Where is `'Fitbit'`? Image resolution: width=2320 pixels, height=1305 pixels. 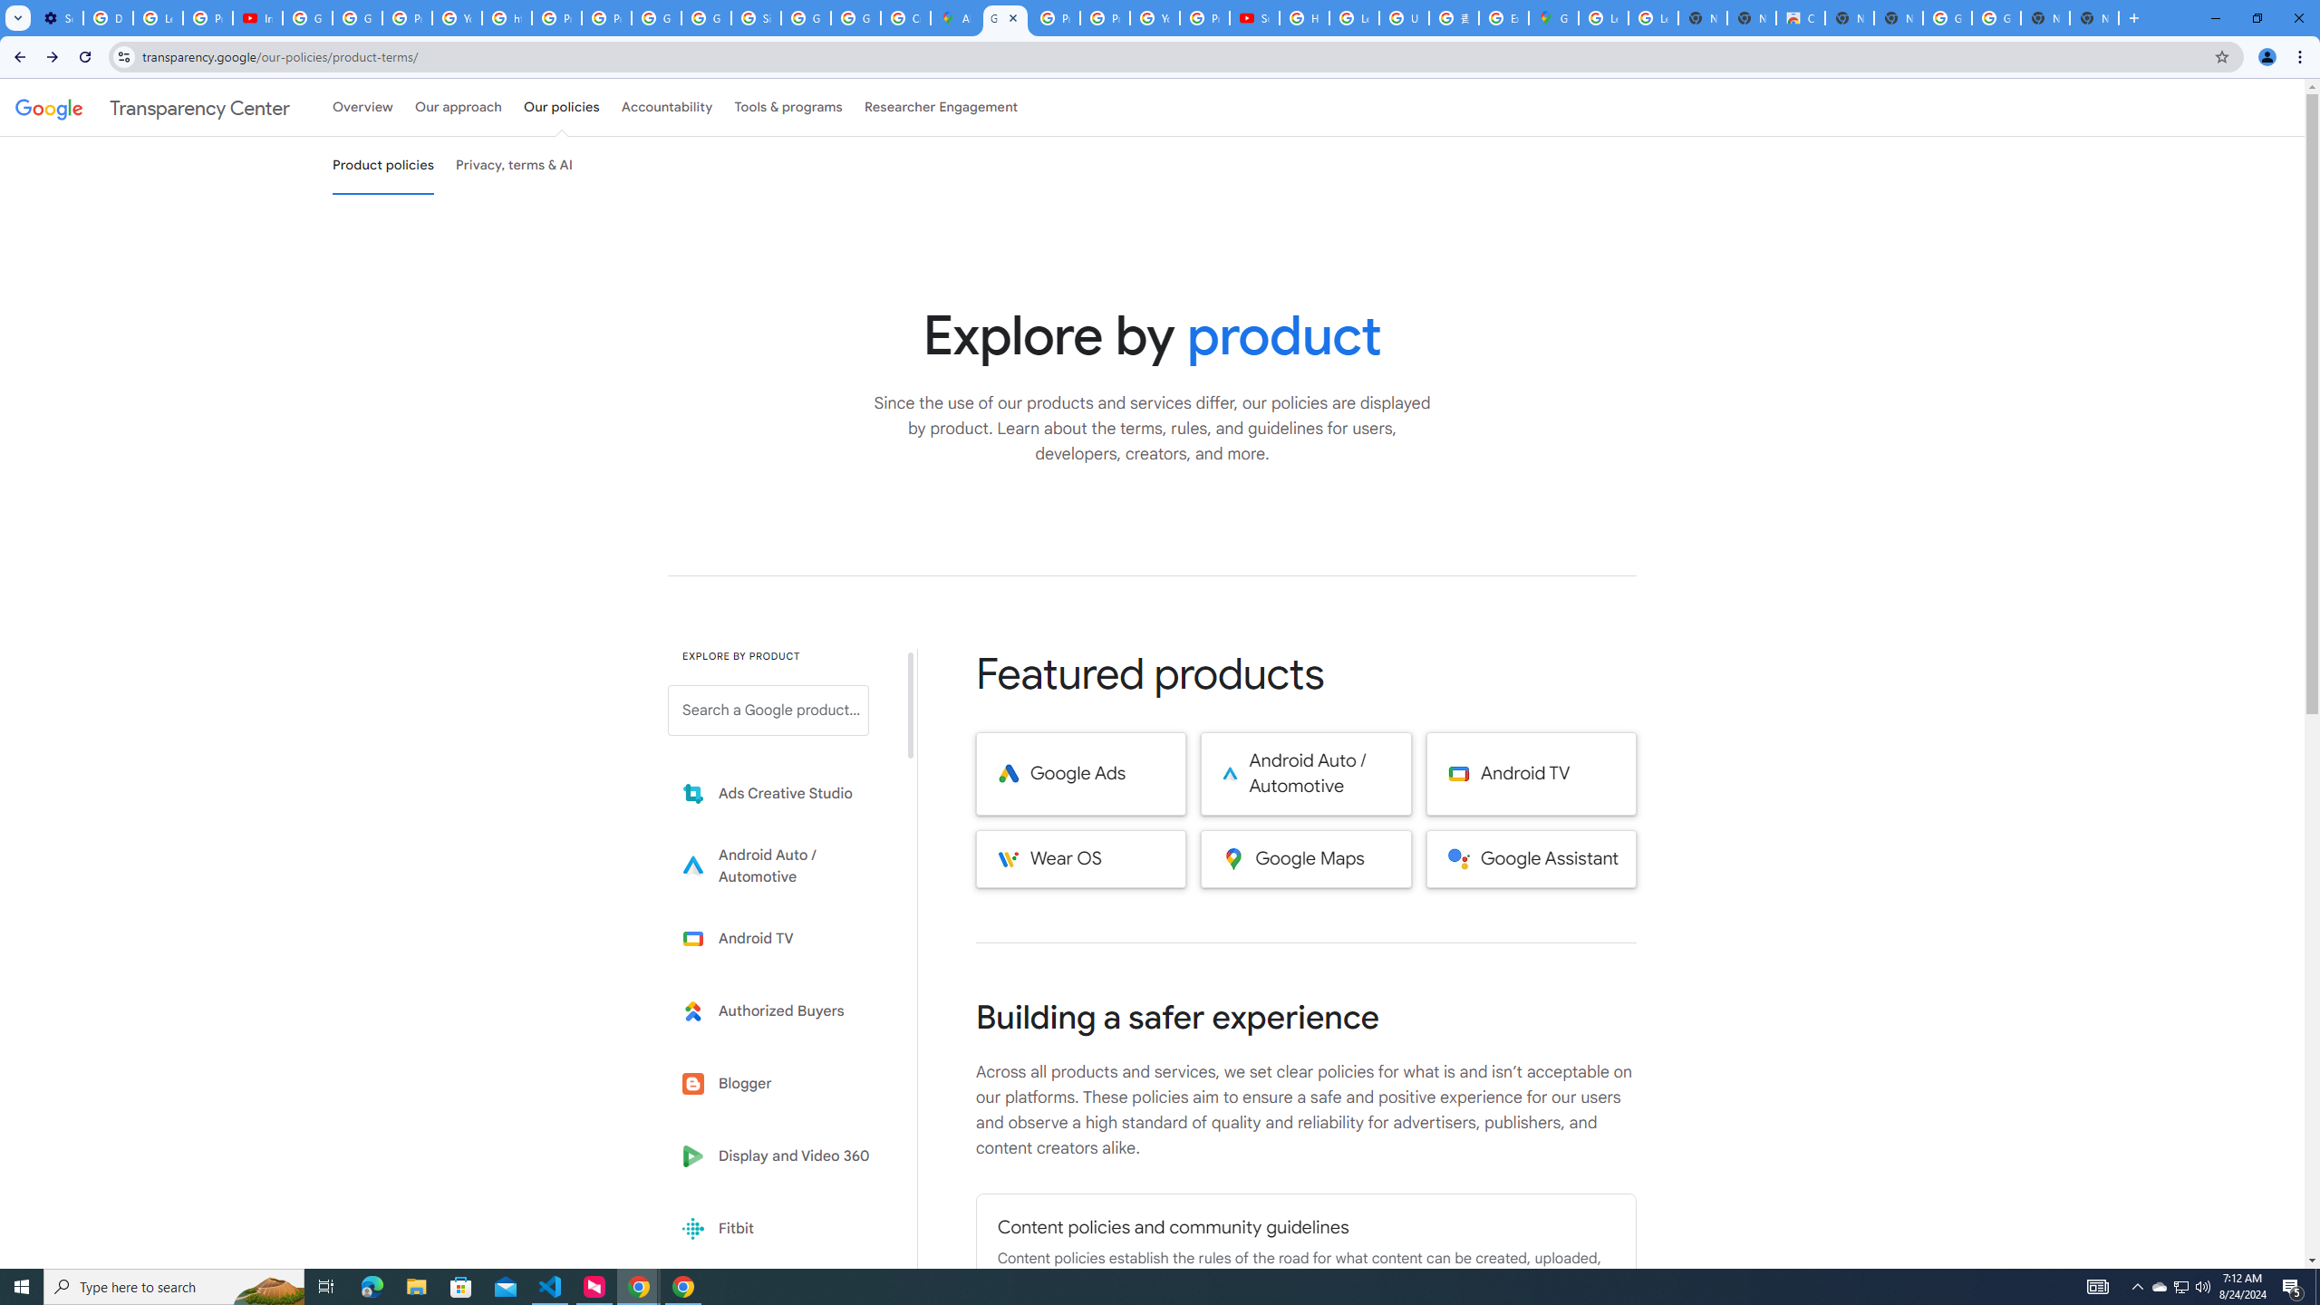
'Fitbit' is located at coordinates (780, 1228).